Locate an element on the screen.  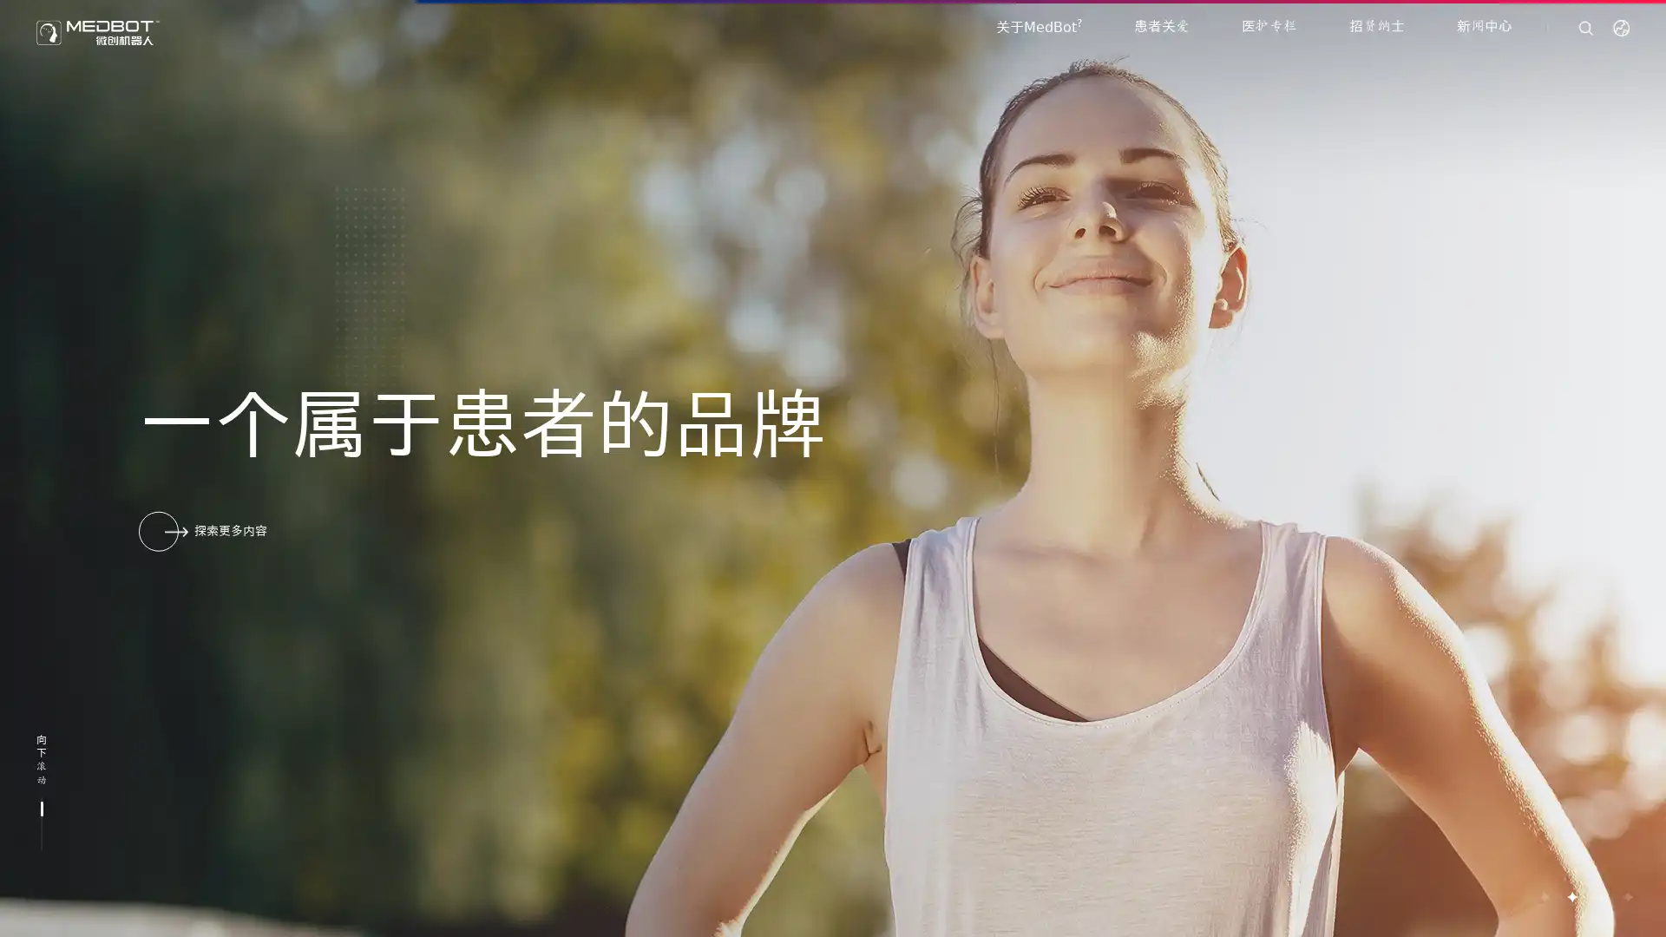
Go to slide 3 is located at coordinates (1598, 896).